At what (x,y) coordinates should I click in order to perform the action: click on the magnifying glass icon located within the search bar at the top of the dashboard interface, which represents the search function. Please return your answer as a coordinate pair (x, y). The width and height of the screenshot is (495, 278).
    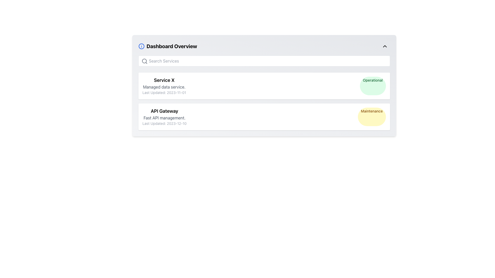
    Looking at the image, I should click on (144, 61).